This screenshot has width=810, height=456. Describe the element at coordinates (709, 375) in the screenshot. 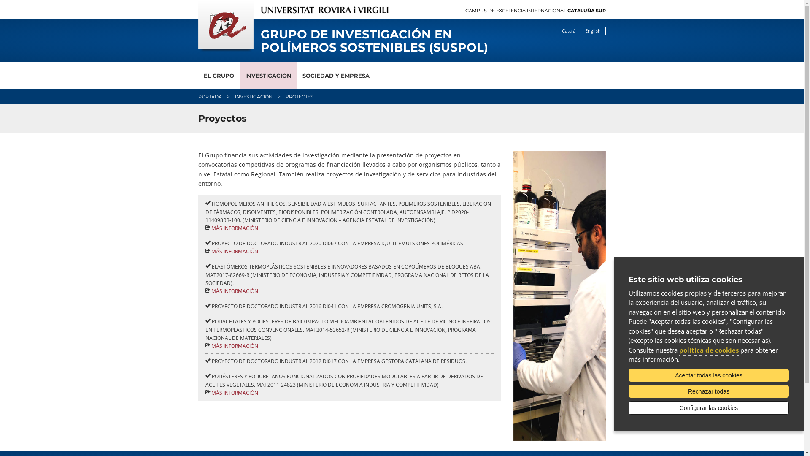

I see `'Aceptar todas las cookies'` at that location.